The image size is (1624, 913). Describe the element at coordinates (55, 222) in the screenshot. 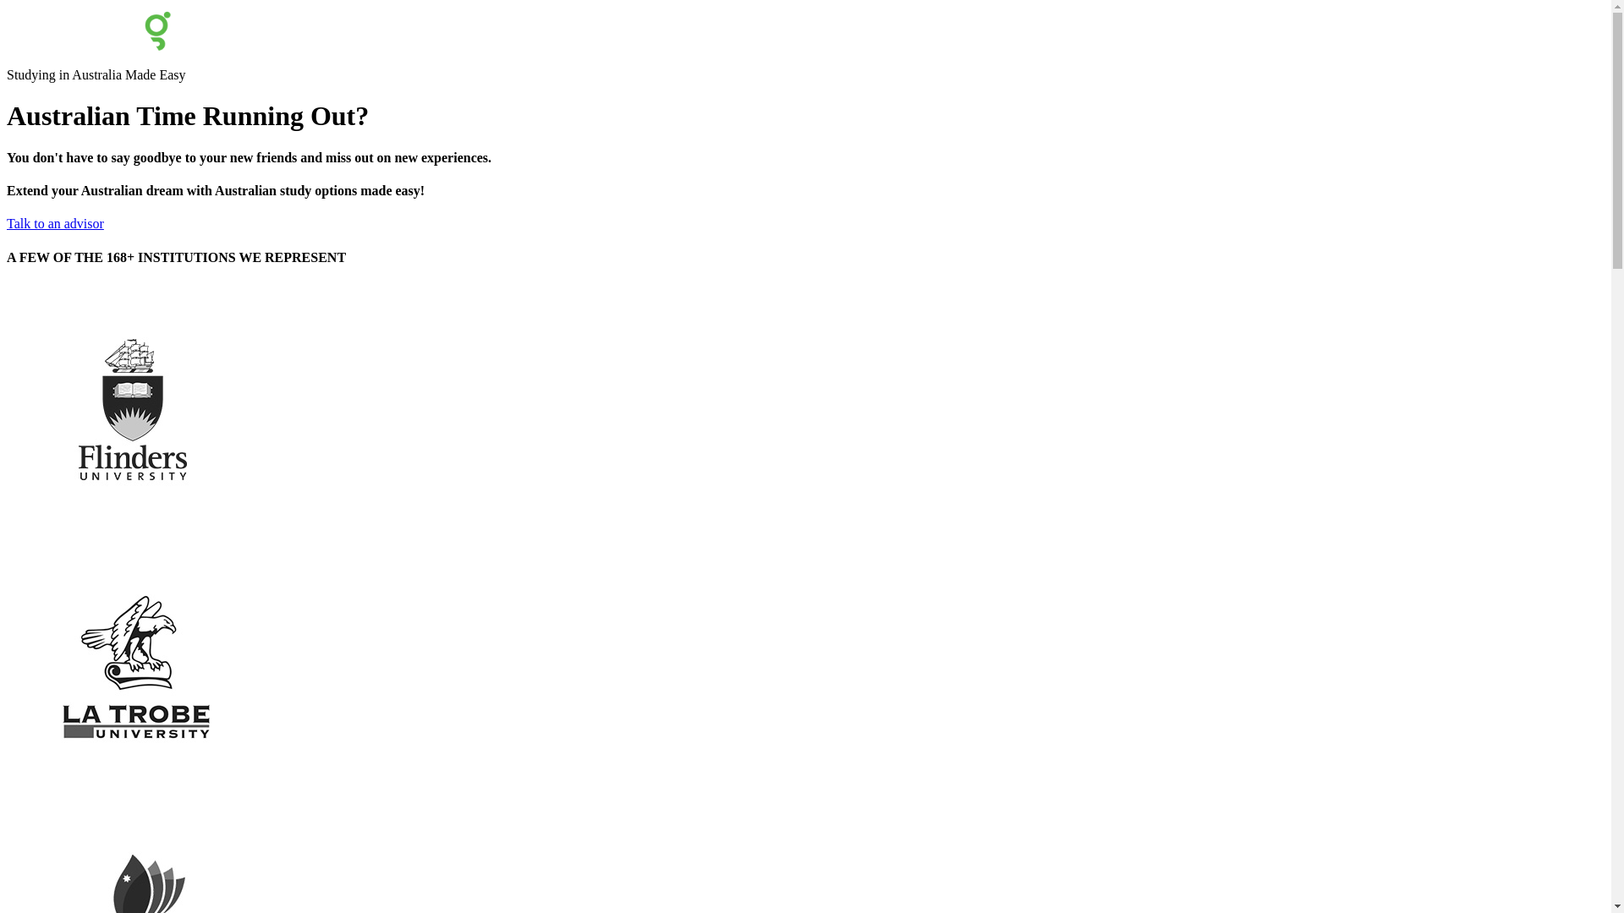

I see `'Talk to an advisor'` at that location.